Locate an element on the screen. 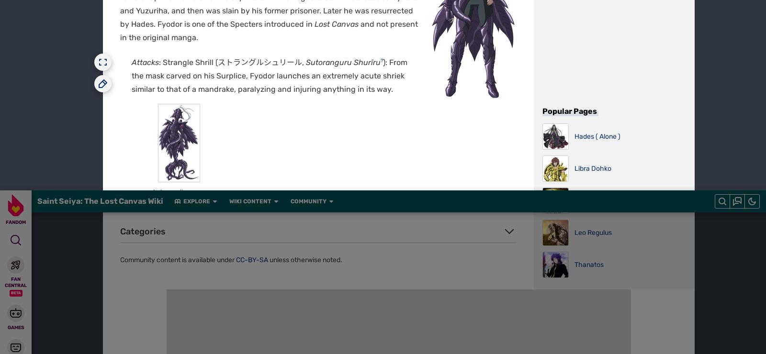 The image size is (766, 354). 'Careers' is located at coordinates (295, 6).